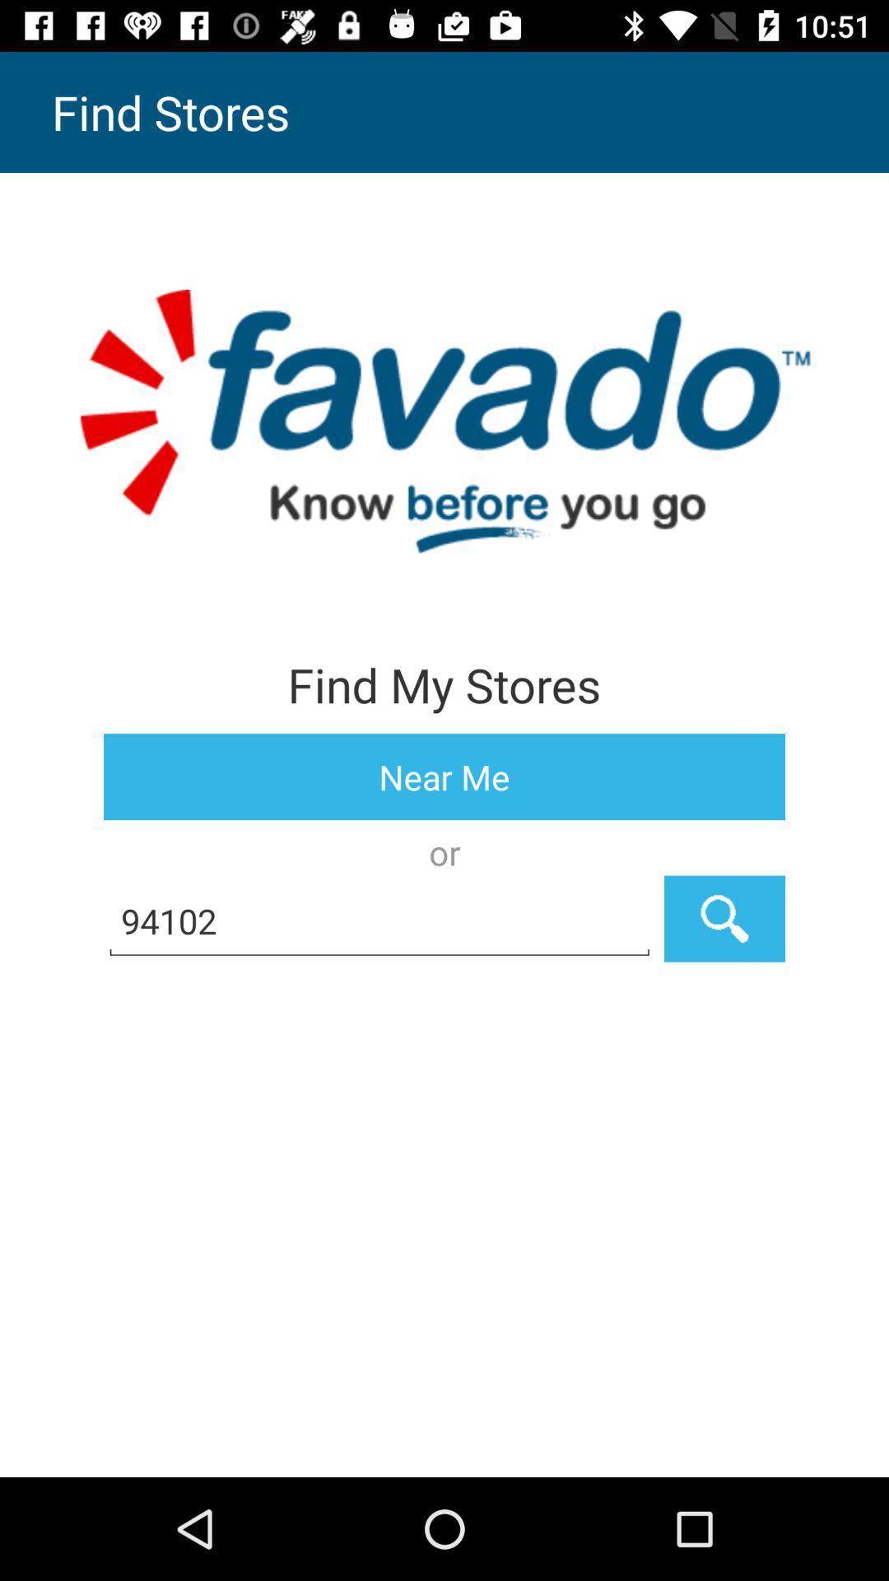 This screenshot has height=1581, width=889. I want to click on the item above or item, so click(444, 776).